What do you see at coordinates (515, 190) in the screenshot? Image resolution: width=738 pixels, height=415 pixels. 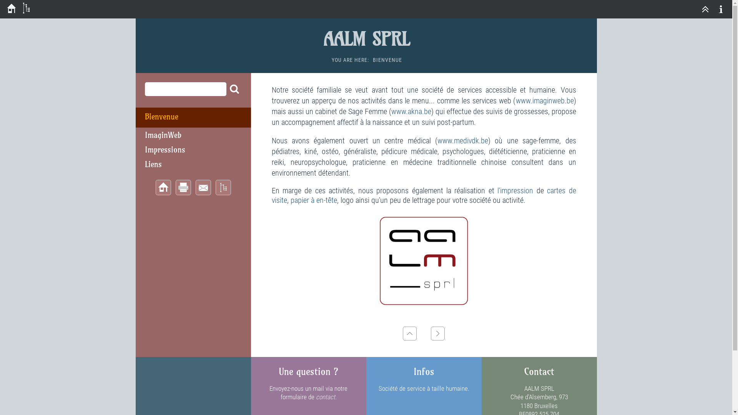 I see `'l'impression'` at bounding box center [515, 190].